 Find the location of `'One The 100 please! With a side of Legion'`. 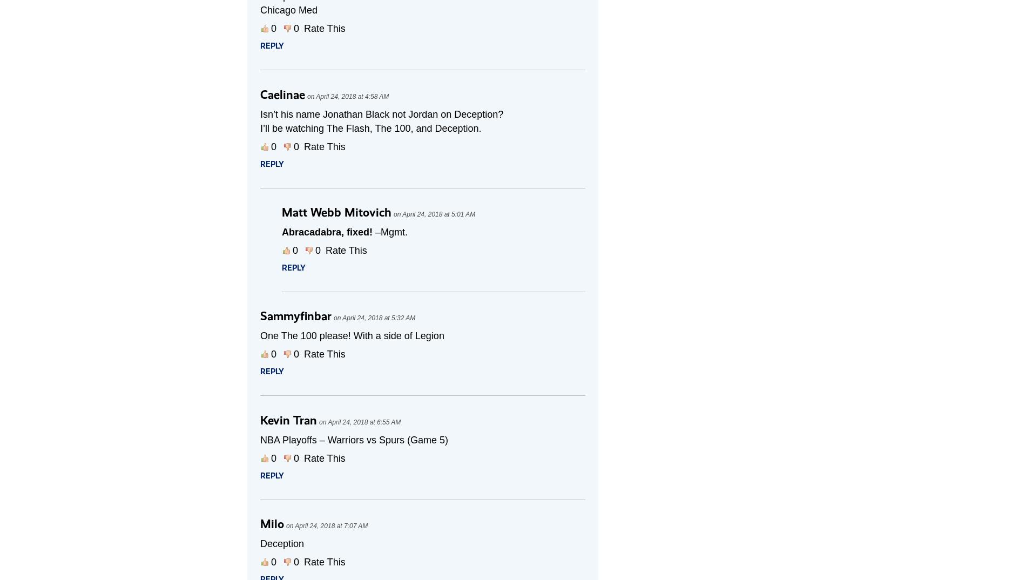

'One The 100 please! With a side of Legion' is located at coordinates (352, 335).